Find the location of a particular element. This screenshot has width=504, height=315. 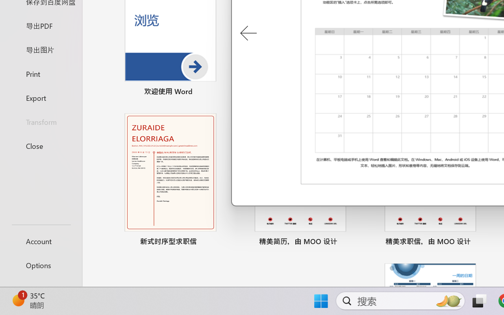

'Pin to list' is located at coordinates (481, 243).